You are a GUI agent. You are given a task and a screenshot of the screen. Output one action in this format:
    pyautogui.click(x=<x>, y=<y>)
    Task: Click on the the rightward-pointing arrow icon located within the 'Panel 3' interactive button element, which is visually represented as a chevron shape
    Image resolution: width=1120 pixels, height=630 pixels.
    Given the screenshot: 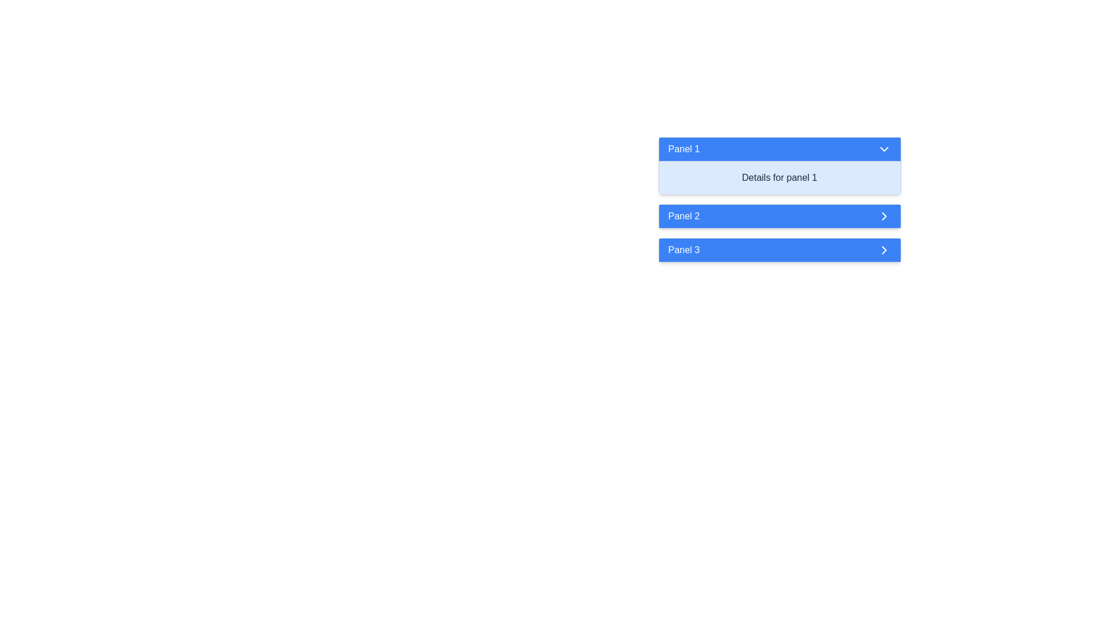 What is the action you would take?
    pyautogui.click(x=884, y=249)
    